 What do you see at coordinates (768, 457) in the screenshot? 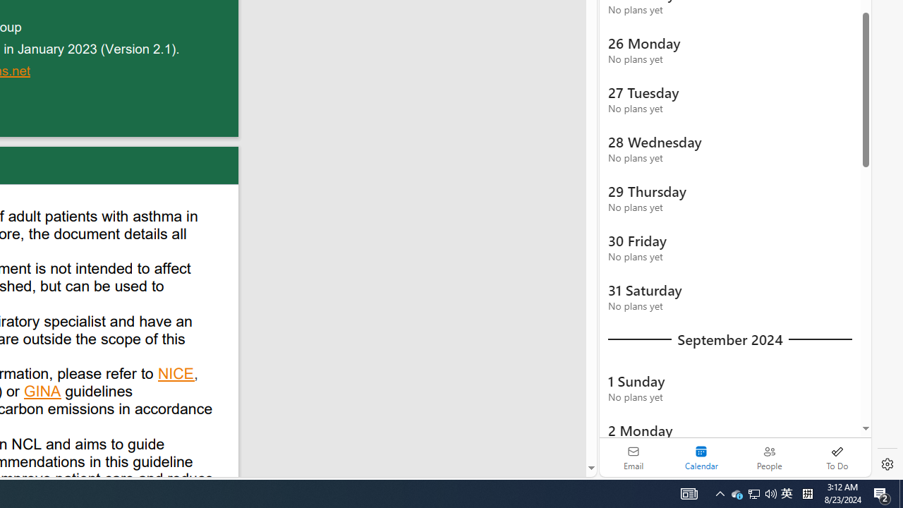
I see `'People'` at bounding box center [768, 457].